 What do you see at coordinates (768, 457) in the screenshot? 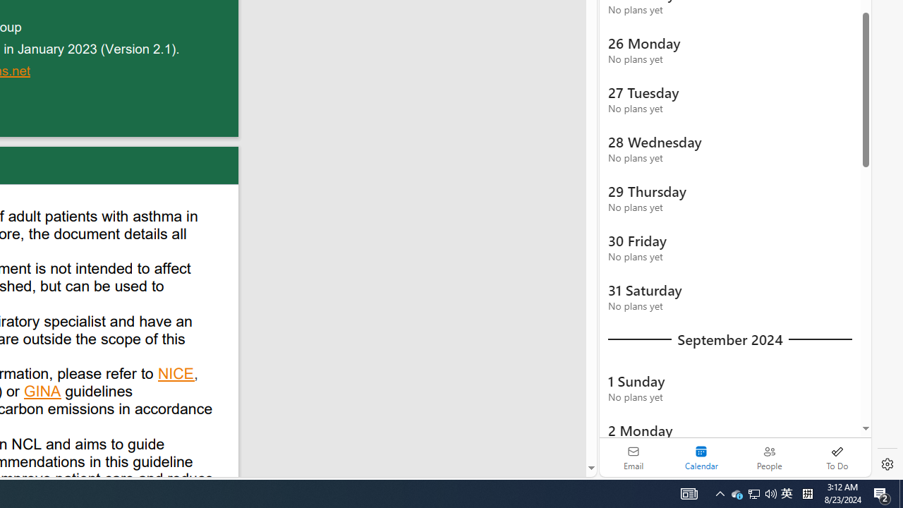
I see `'People'` at bounding box center [768, 457].